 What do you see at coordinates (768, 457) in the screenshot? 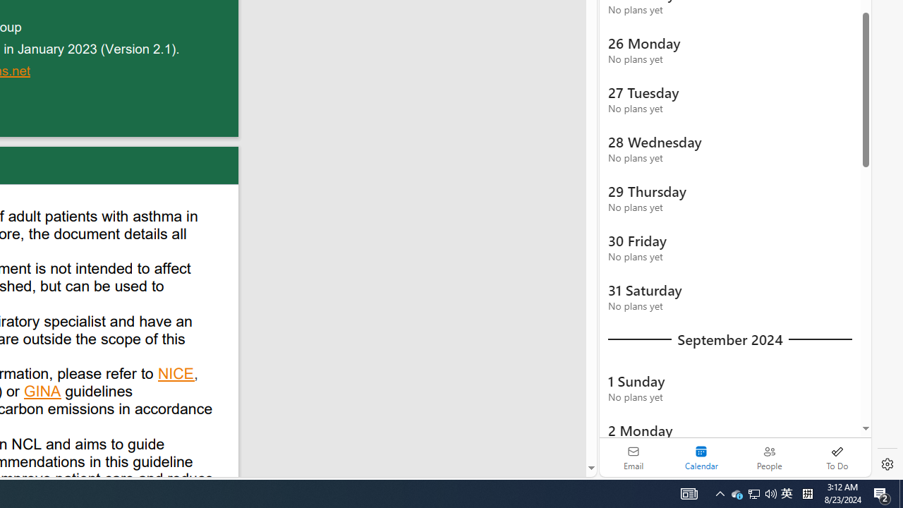
I see `'People'` at bounding box center [768, 457].